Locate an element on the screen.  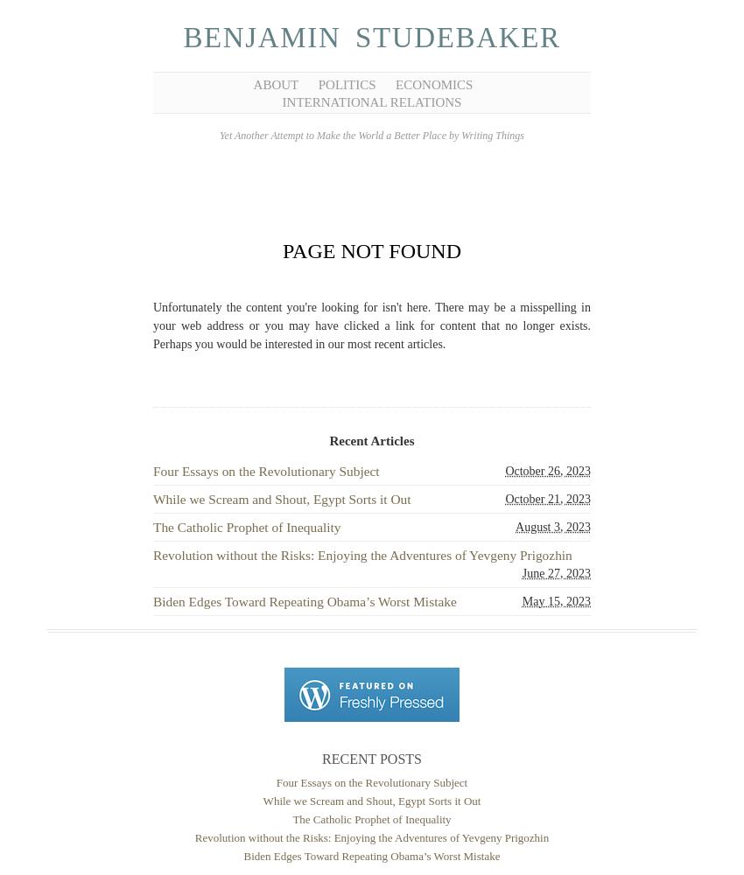
'About' is located at coordinates (276, 84).